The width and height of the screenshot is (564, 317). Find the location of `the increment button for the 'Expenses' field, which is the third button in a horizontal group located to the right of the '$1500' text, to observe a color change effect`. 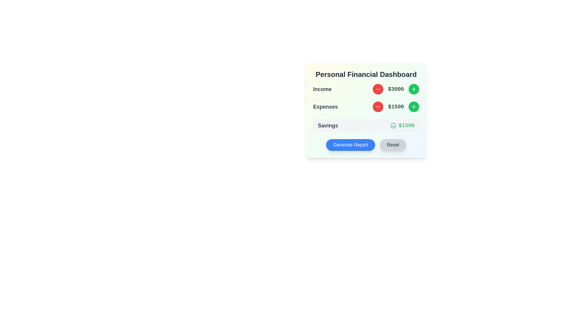

the increment button for the 'Expenses' field, which is the third button in a horizontal group located to the right of the '$1500' text, to observe a color change effect is located at coordinates (414, 107).